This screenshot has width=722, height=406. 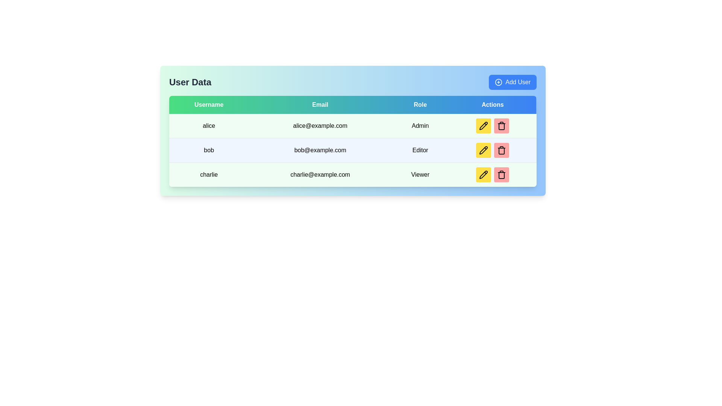 I want to click on the 'Actions' text label in bold white font located, so click(x=493, y=105).